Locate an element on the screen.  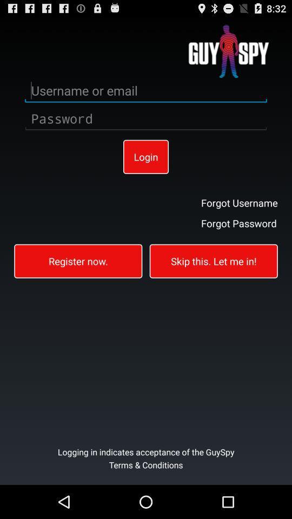
the skip this let item is located at coordinates (214, 260).